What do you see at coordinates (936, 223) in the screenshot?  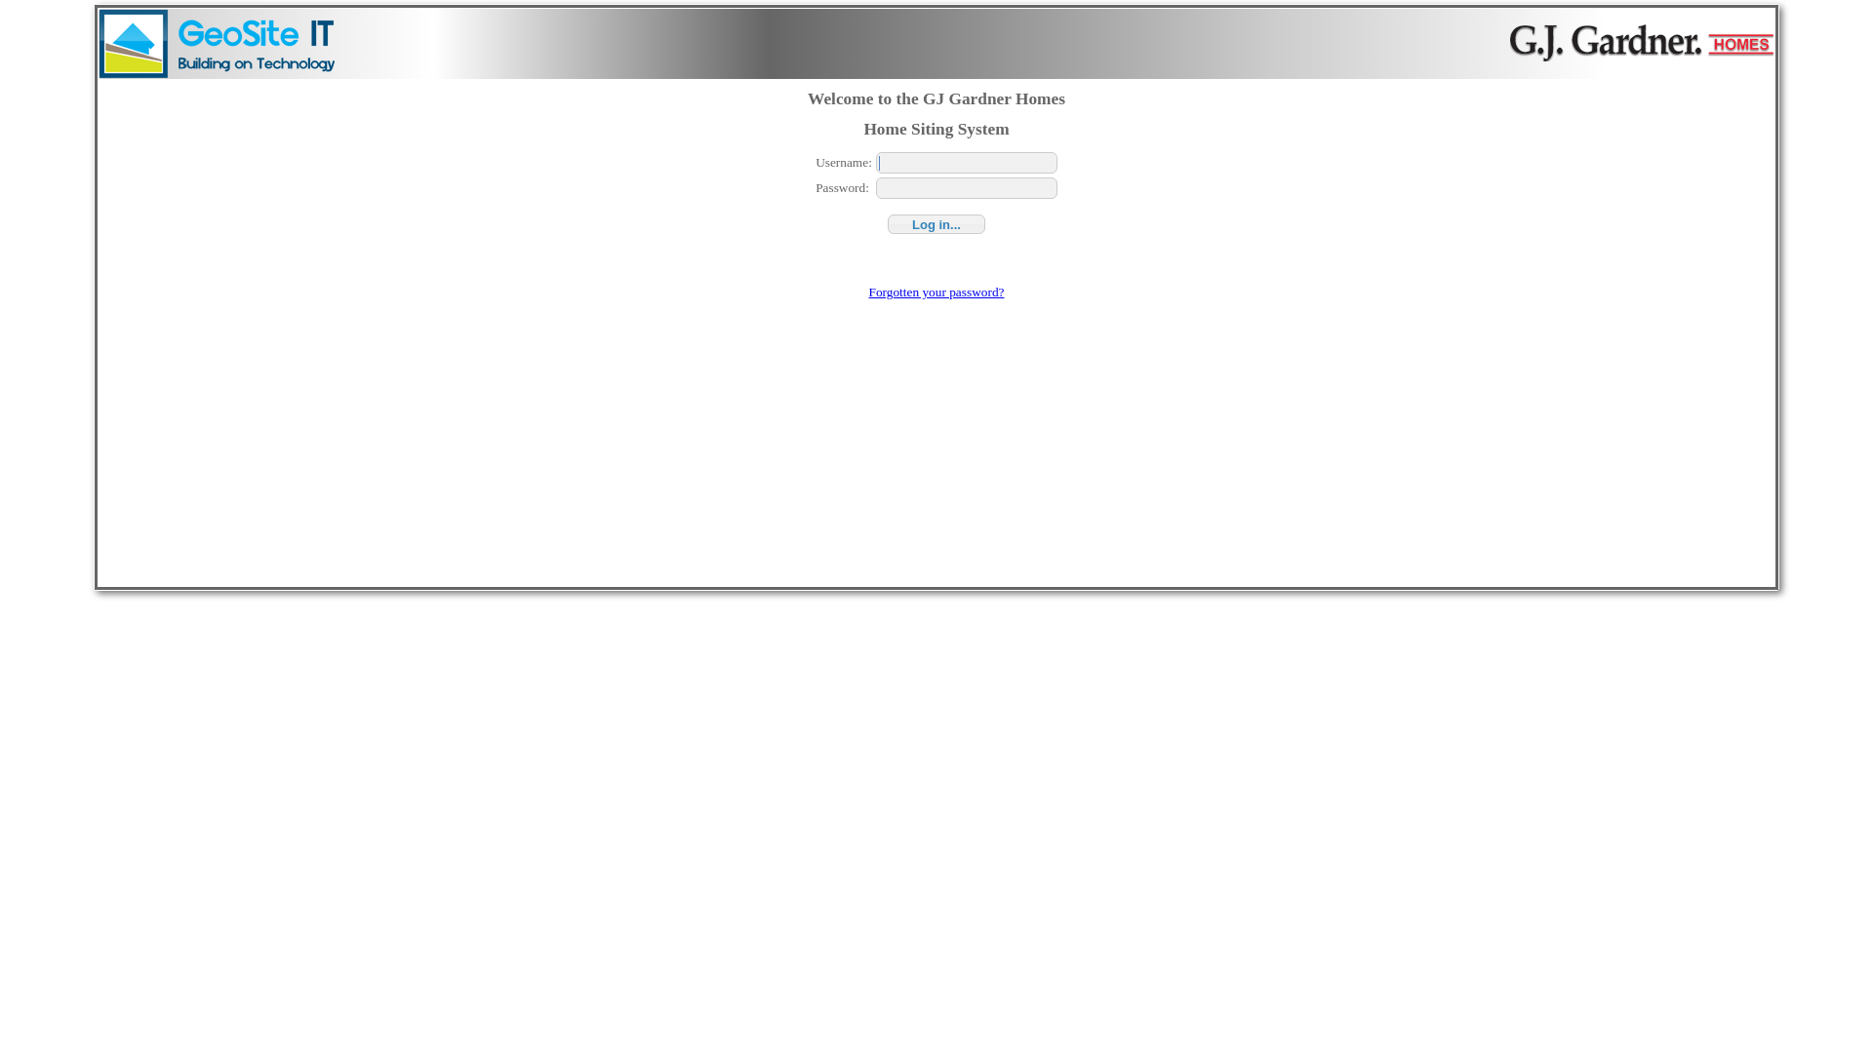 I see `'Log in...'` at bounding box center [936, 223].